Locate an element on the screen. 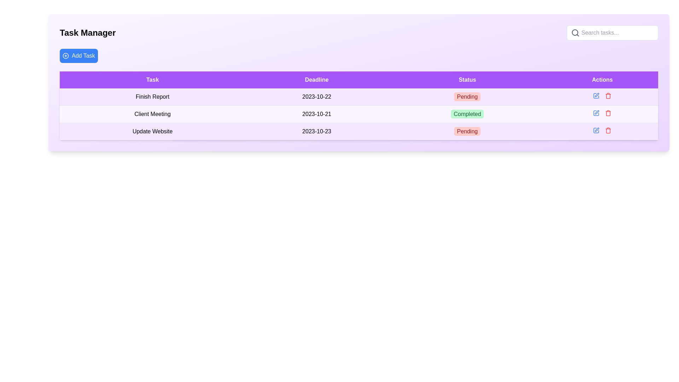 The width and height of the screenshot is (679, 382). the pen icon representing an edit action in the 'Actions' column of the 'Update Website' row in the Task Manager interface is located at coordinates (596, 131).